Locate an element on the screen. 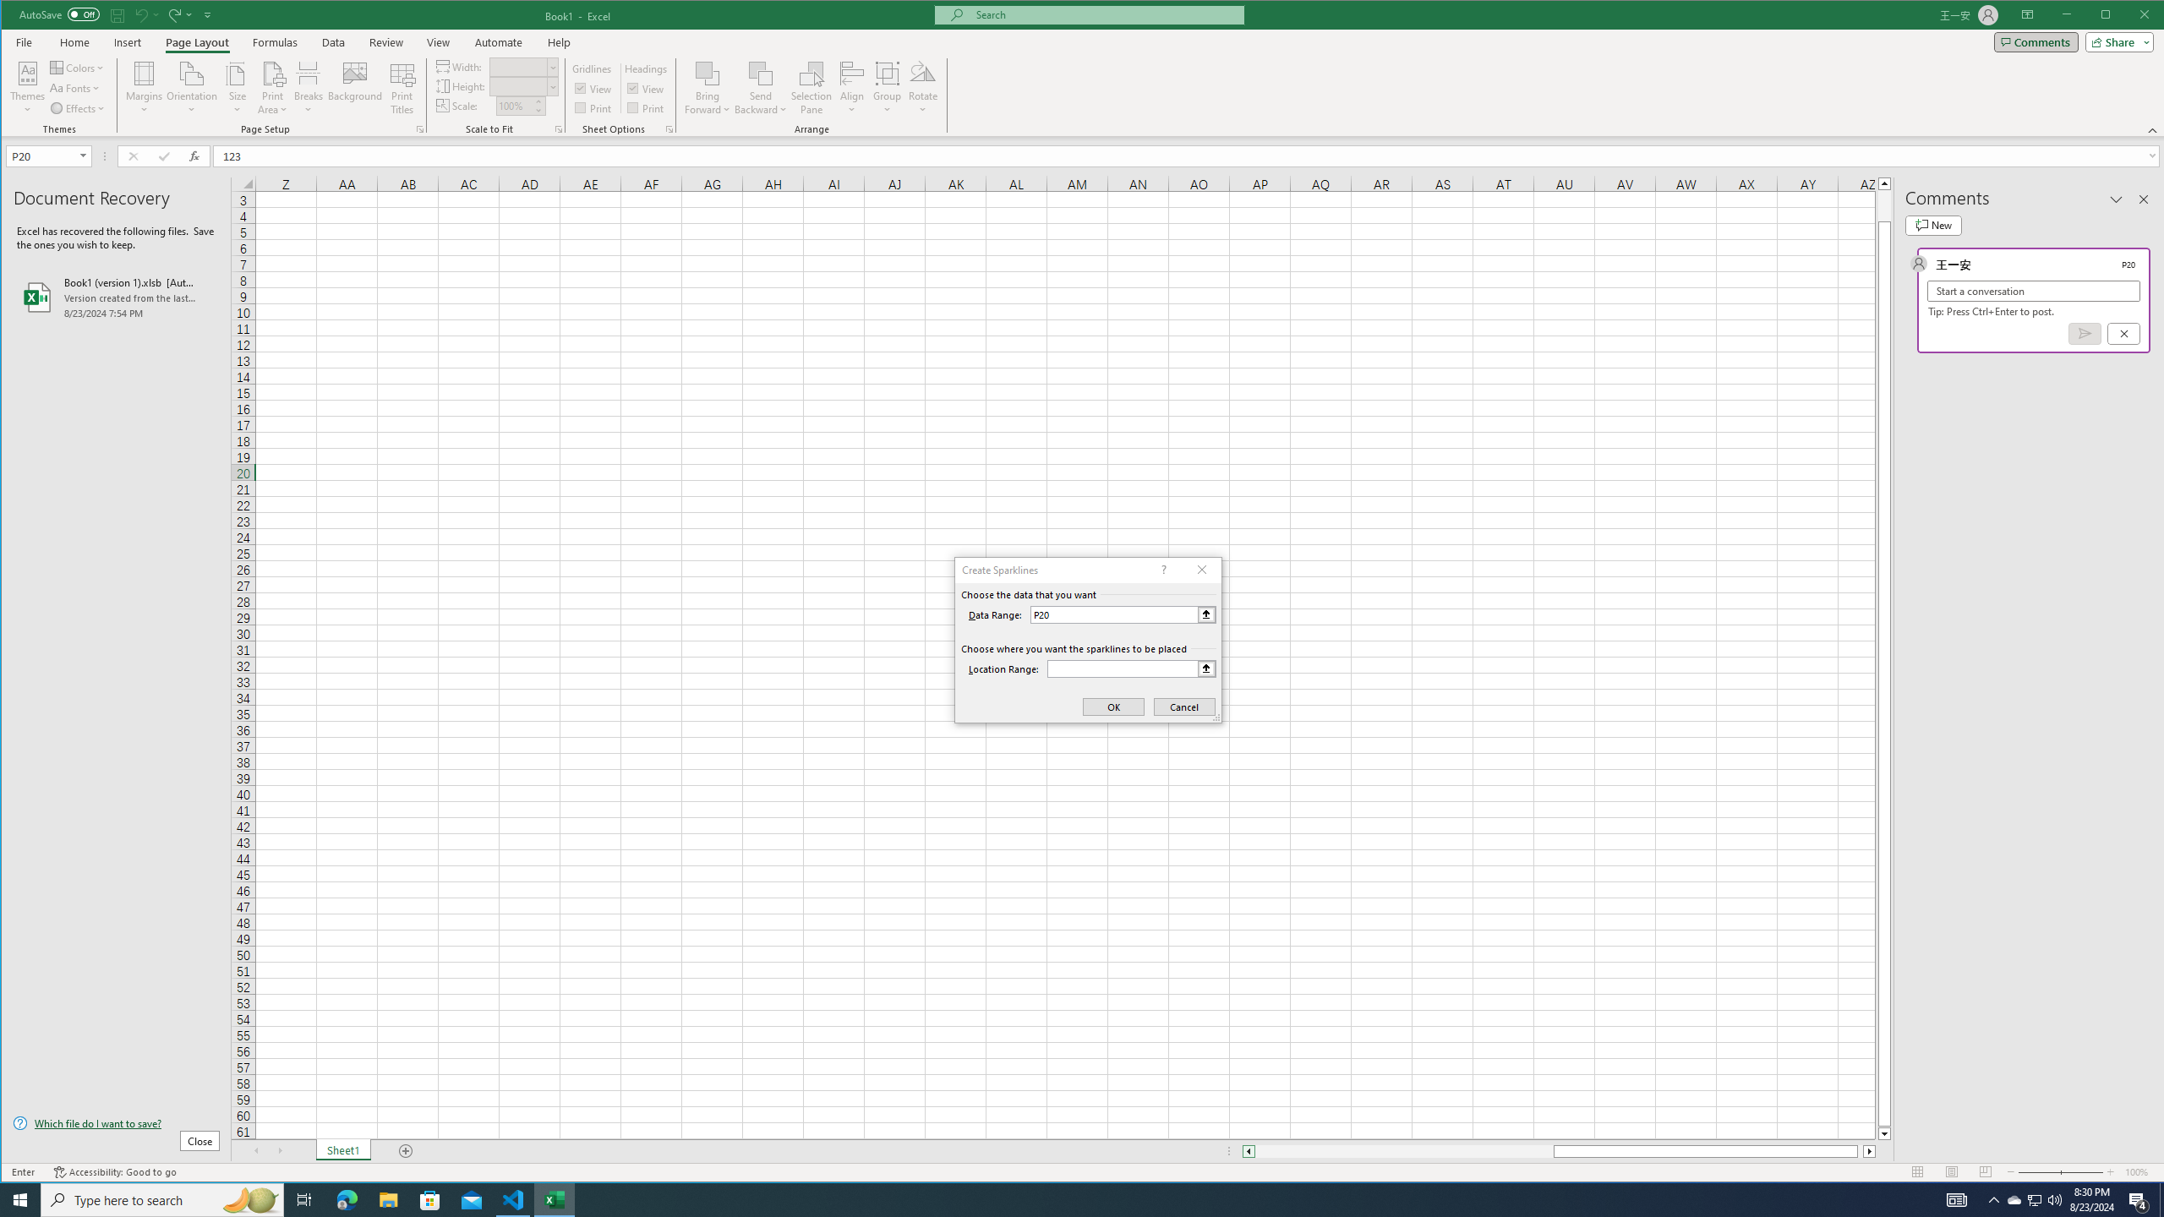 This screenshot has width=2164, height=1217. 'Accessibility Checker Accessibility: Good to go' is located at coordinates (114, 1171).